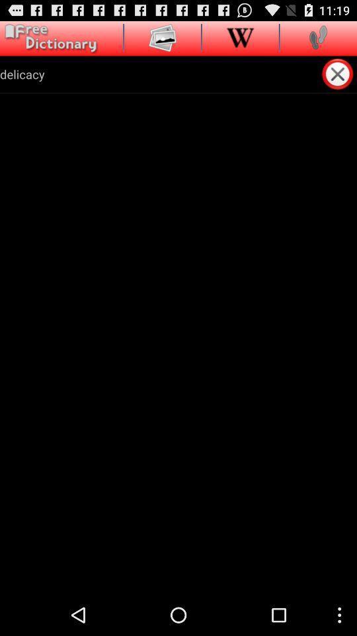 This screenshot has height=636, width=357. What do you see at coordinates (48, 38) in the screenshot?
I see `home screen` at bounding box center [48, 38].